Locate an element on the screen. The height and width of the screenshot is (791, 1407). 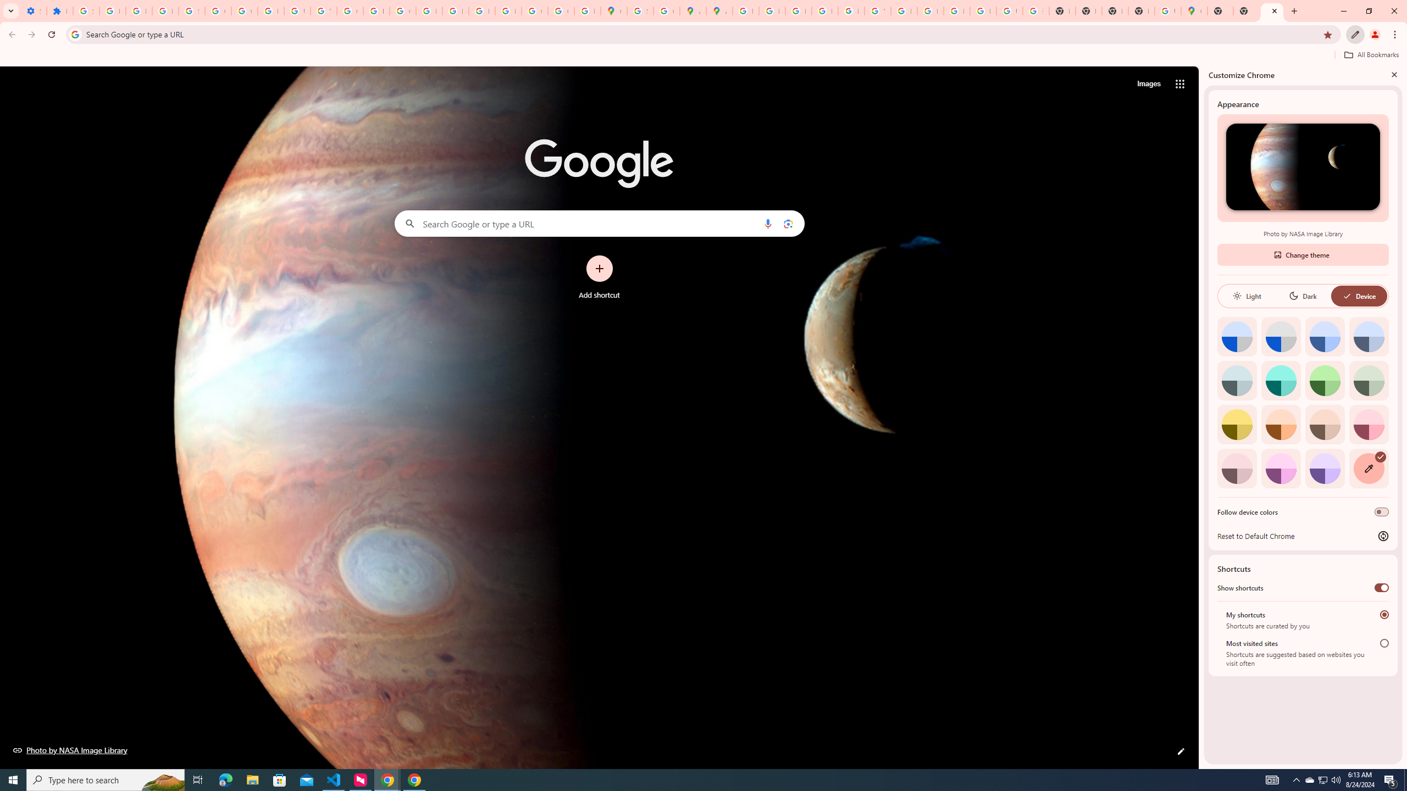
'New Tab' is located at coordinates (1220, 10).